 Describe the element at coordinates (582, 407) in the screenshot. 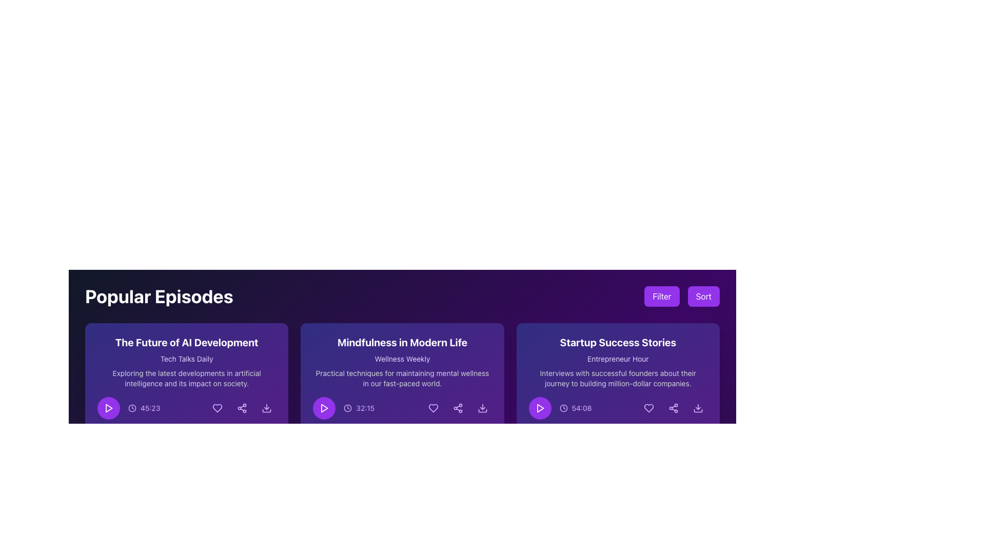

I see `text element displaying '54:08' styled with a light purple color, located within the 'Startup Success Stories' card in the 'Popular Episodes' section, positioned to the right of the clock icon` at that location.